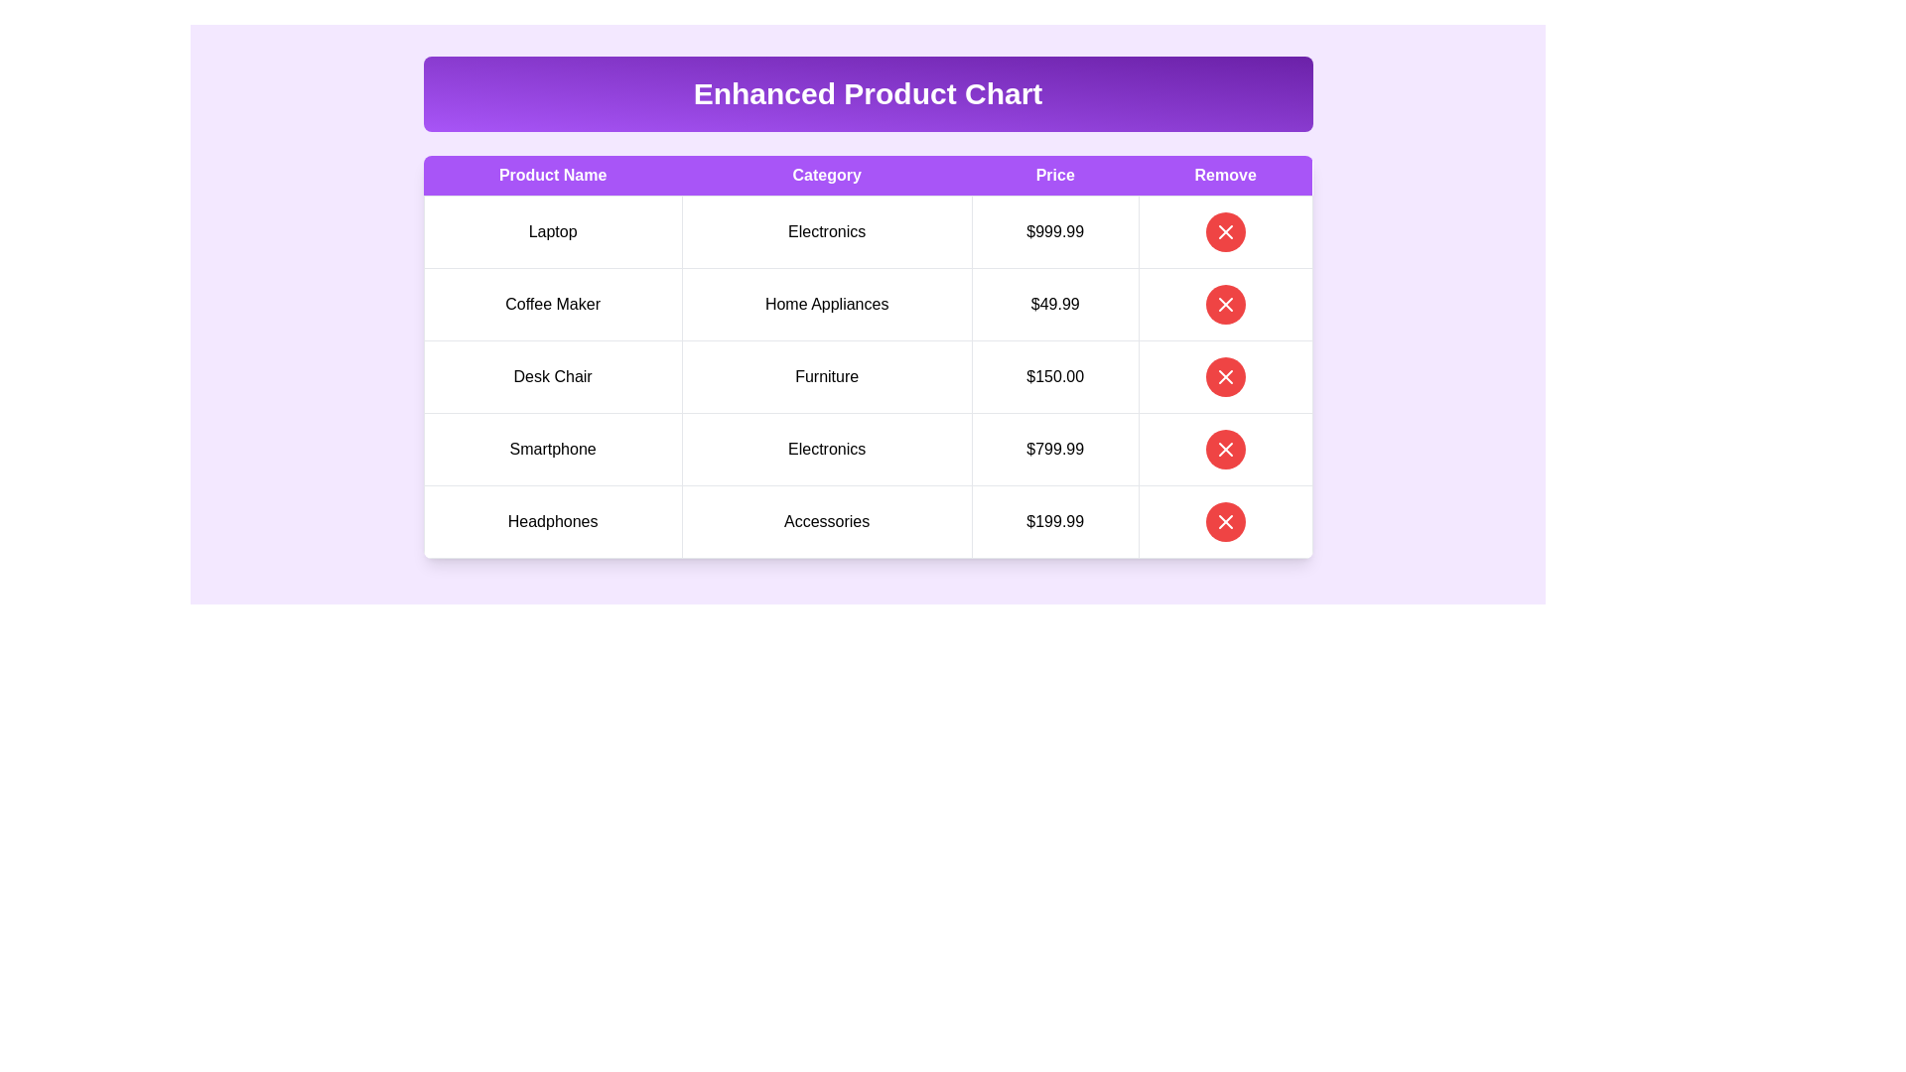 This screenshot has width=1906, height=1072. Describe the element at coordinates (1224, 377) in the screenshot. I see `the circular red button with a white cross icon located in the 'Remove' column of the third row of the table` at that location.